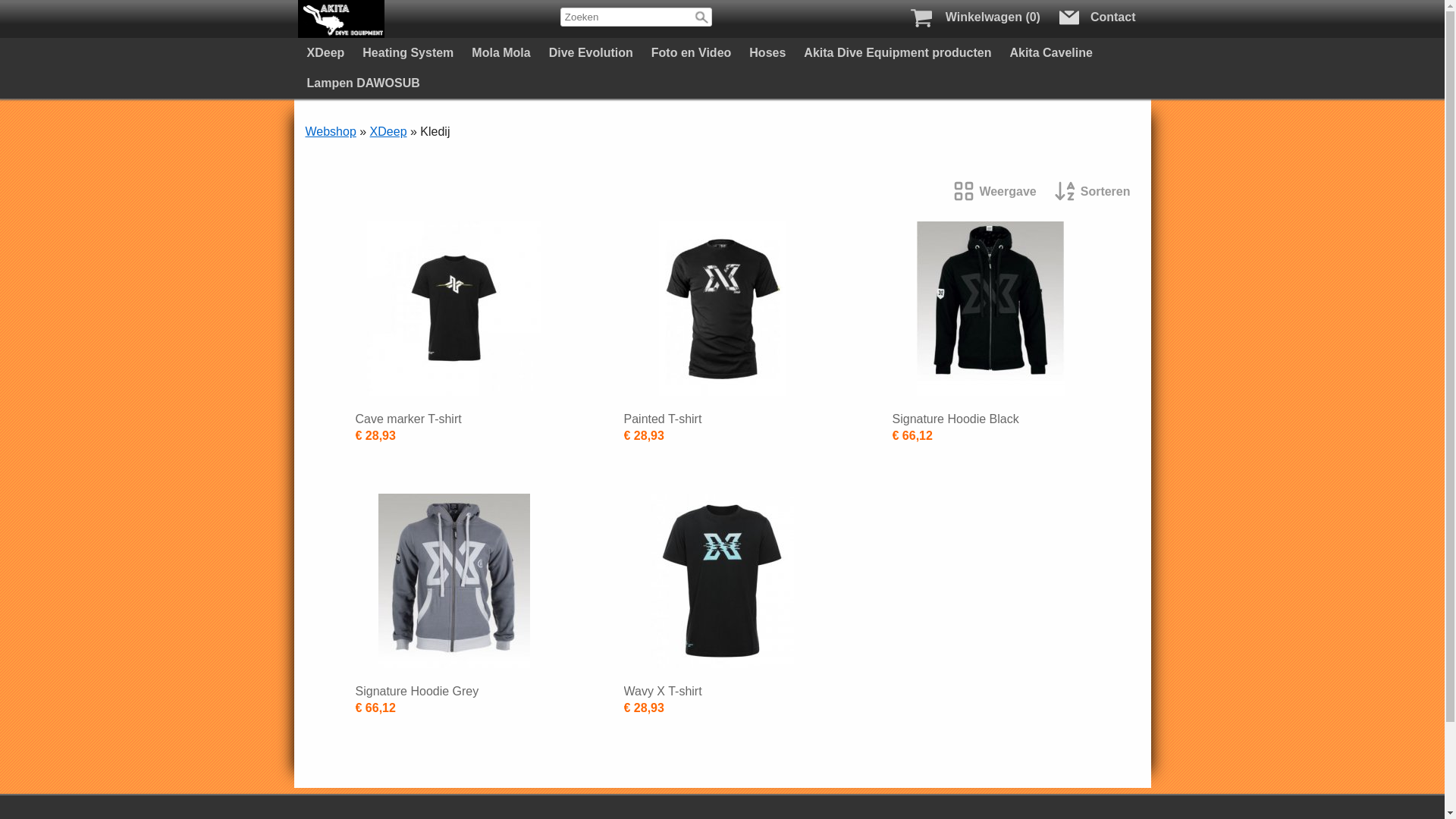 The image size is (1456, 819). Describe the element at coordinates (329, 130) in the screenshot. I see `'Webshop'` at that location.